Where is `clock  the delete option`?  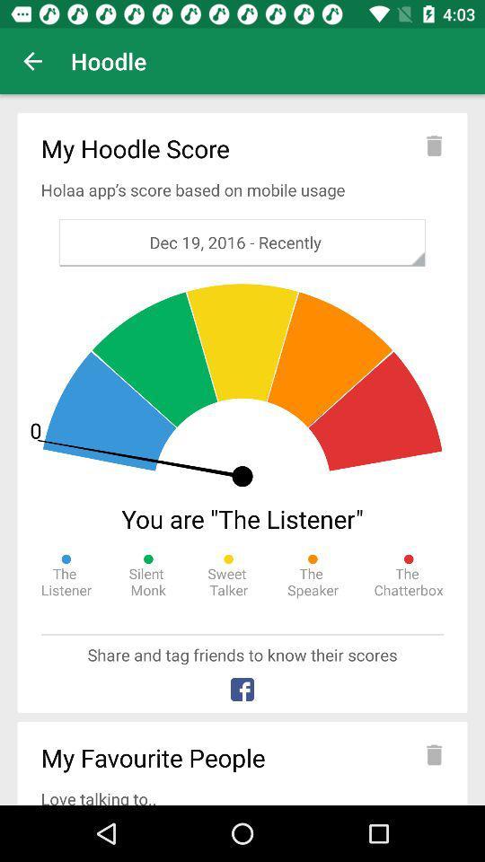 clock  the delete option is located at coordinates (434, 145).